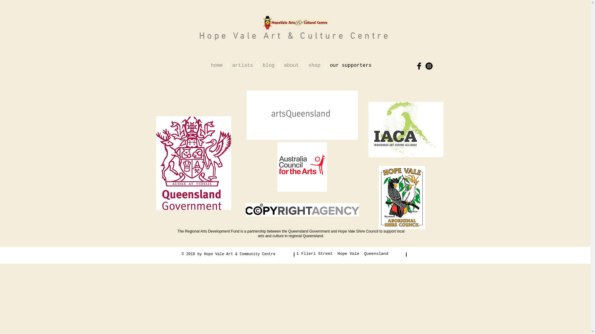 Image resolution: width=595 pixels, height=334 pixels. Describe the element at coordinates (217, 66) in the screenshot. I see `'home'` at that location.